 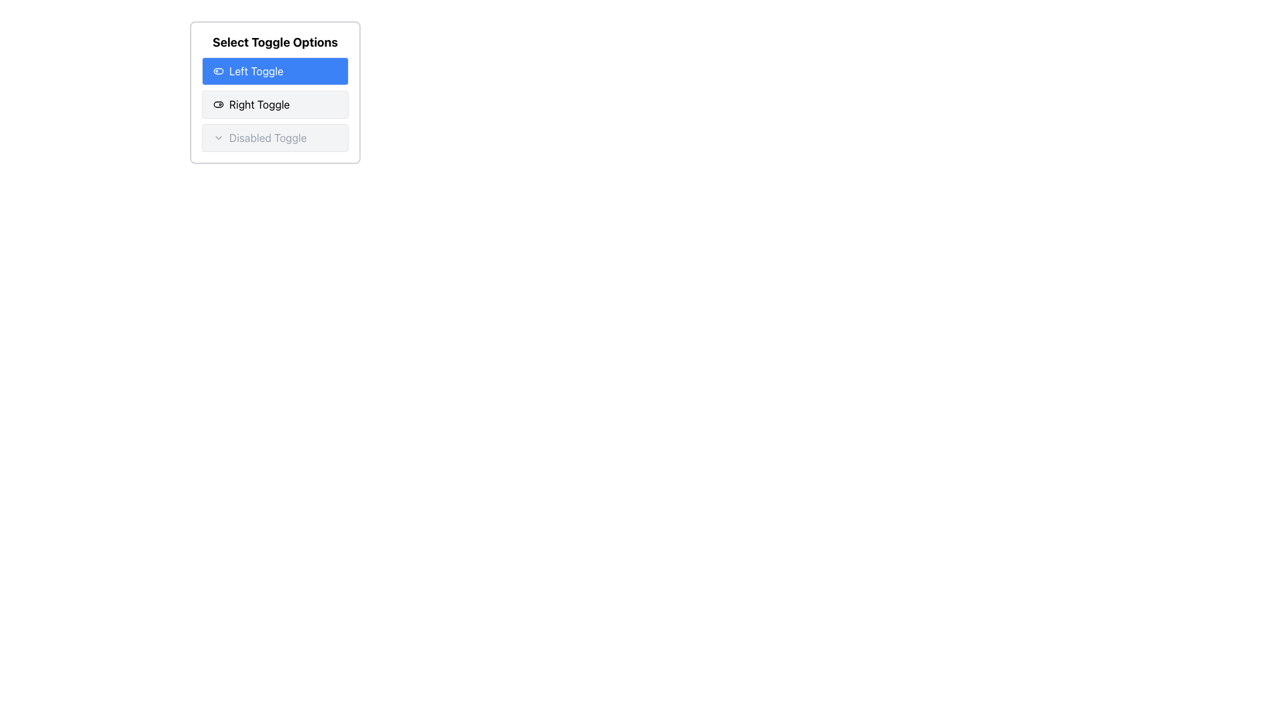 What do you see at coordinates (274, 138) in the screenshot?
I see `the disabled toggle button, which is the third option in a vertically stacked list of toggle options, visually indicated by grayed-out styling` at bounding box center [274, 138].